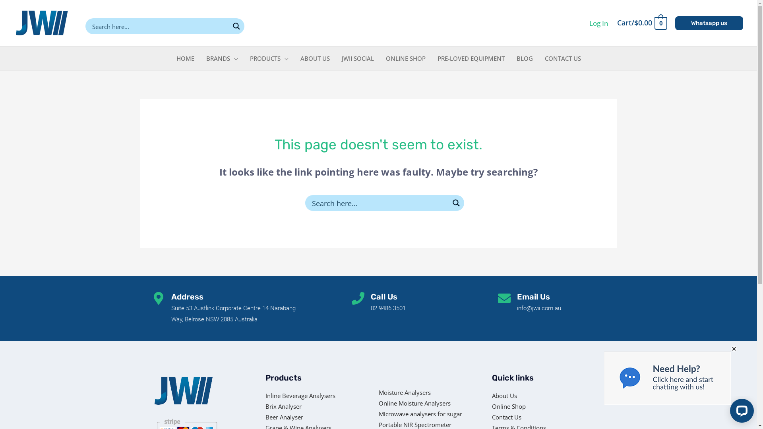  Describe the element at coordinates (335, 58) in the screenshot. I see `'JWII SOCIAL'` at that location.